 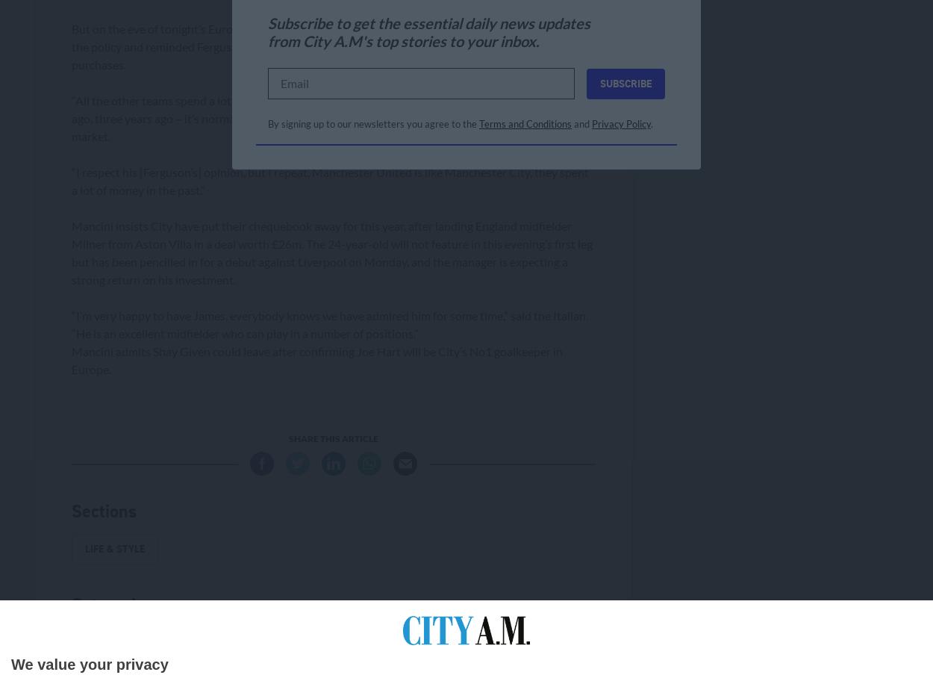 I want to click on 'Mancini insists City have put their chequebook away for this year, after landing England midfielder Milner from Aston Villa in a deal worth £26m. The 24-year-old will not feature in this evening’s first leg but has been pencilled in for a debut against Liverpool on Monday, and the manager is expecting a strong return on his investment.', so click(x=331, y=251).